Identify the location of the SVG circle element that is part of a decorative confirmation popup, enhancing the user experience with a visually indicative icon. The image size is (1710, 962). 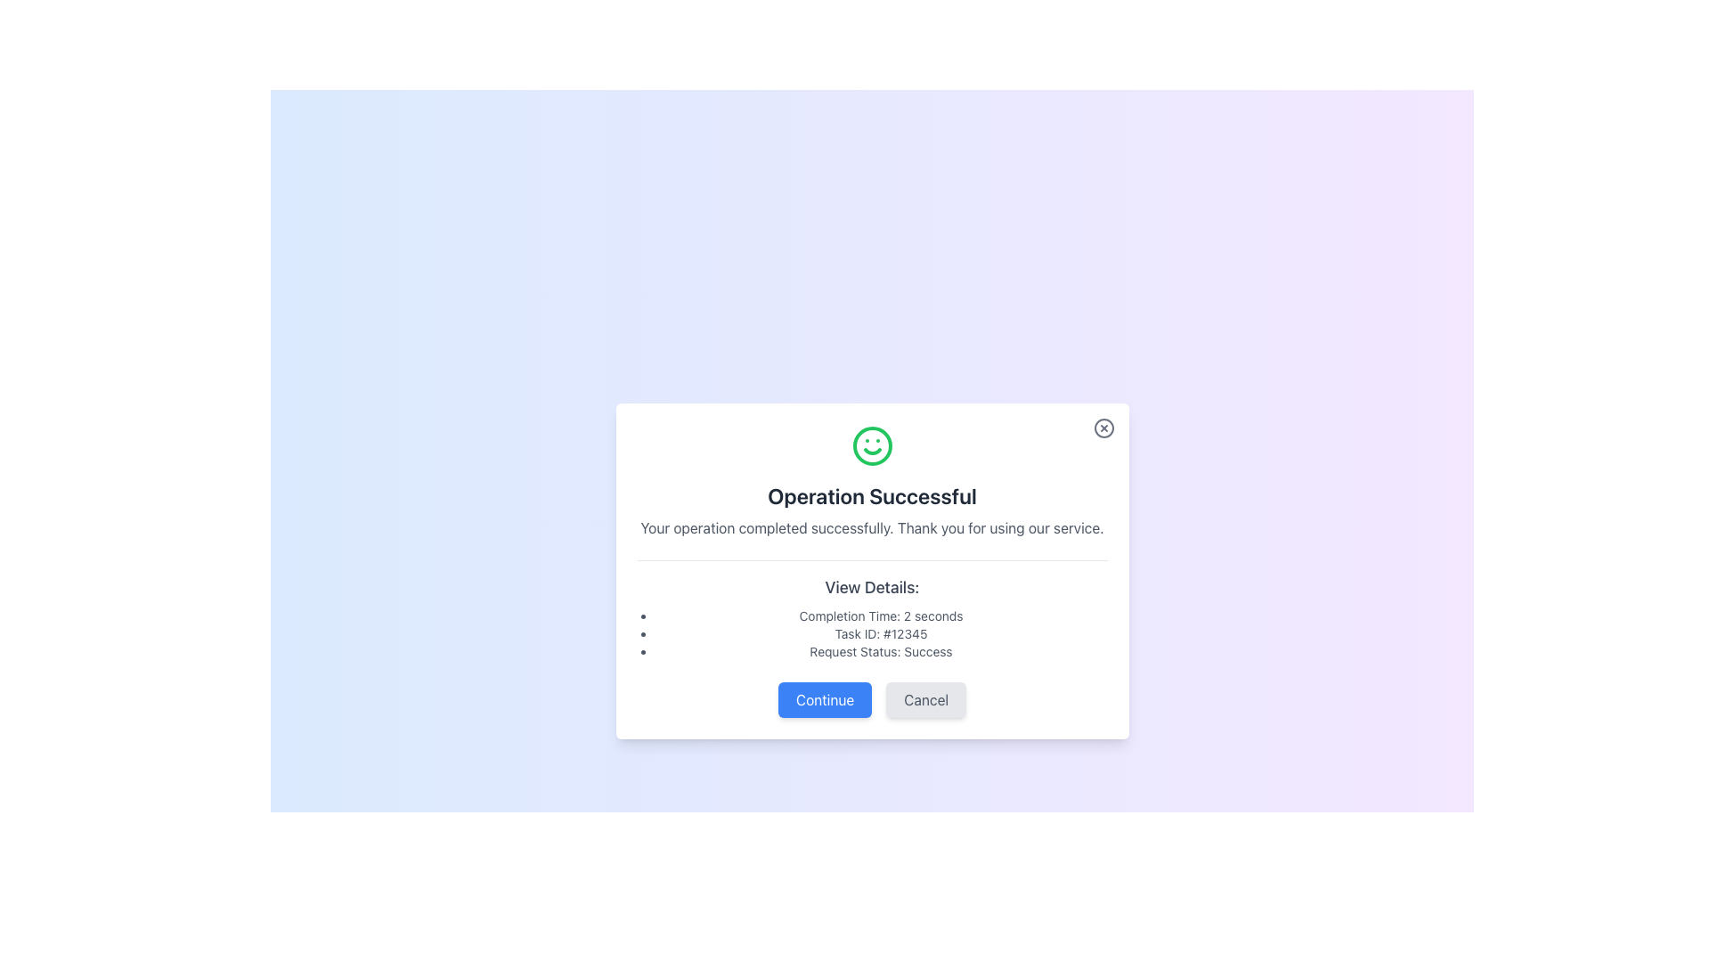
(872, 444).